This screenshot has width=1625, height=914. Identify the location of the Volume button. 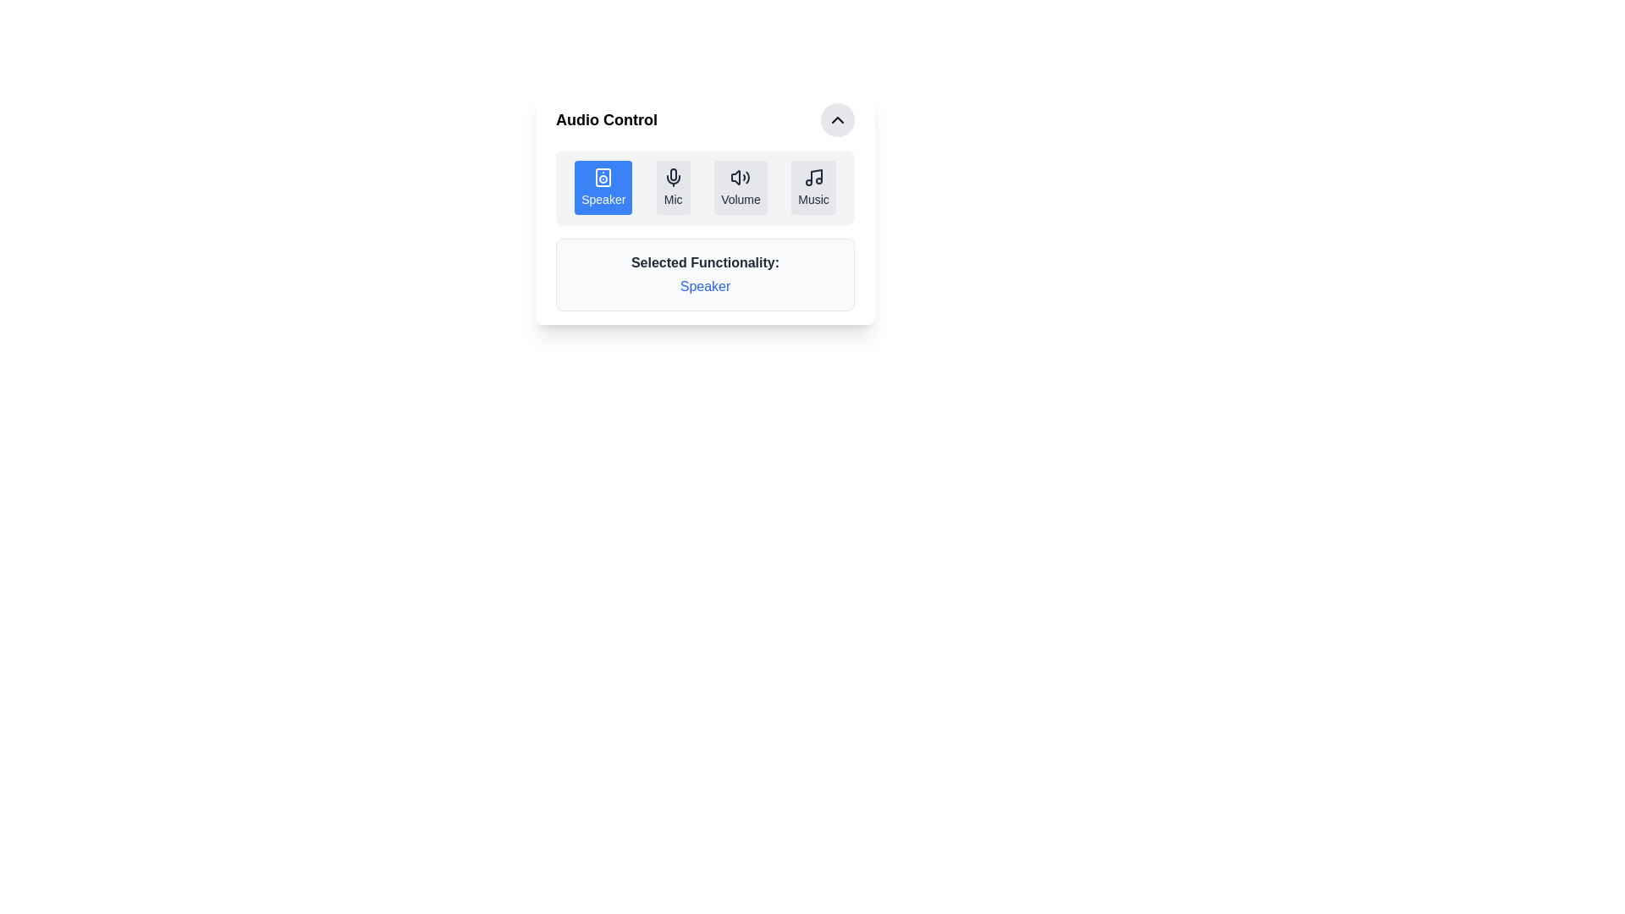
(741, 188).